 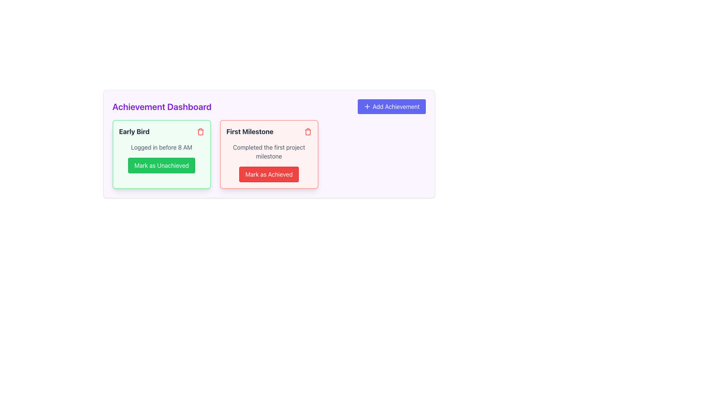 What do you see at coordinates (268, 131) in the screenshot?
I see `the Text label that serves as a title for the 'First Milestone' card in the 'Achievement Dashboard' interface` at bounding box center [268, 131].